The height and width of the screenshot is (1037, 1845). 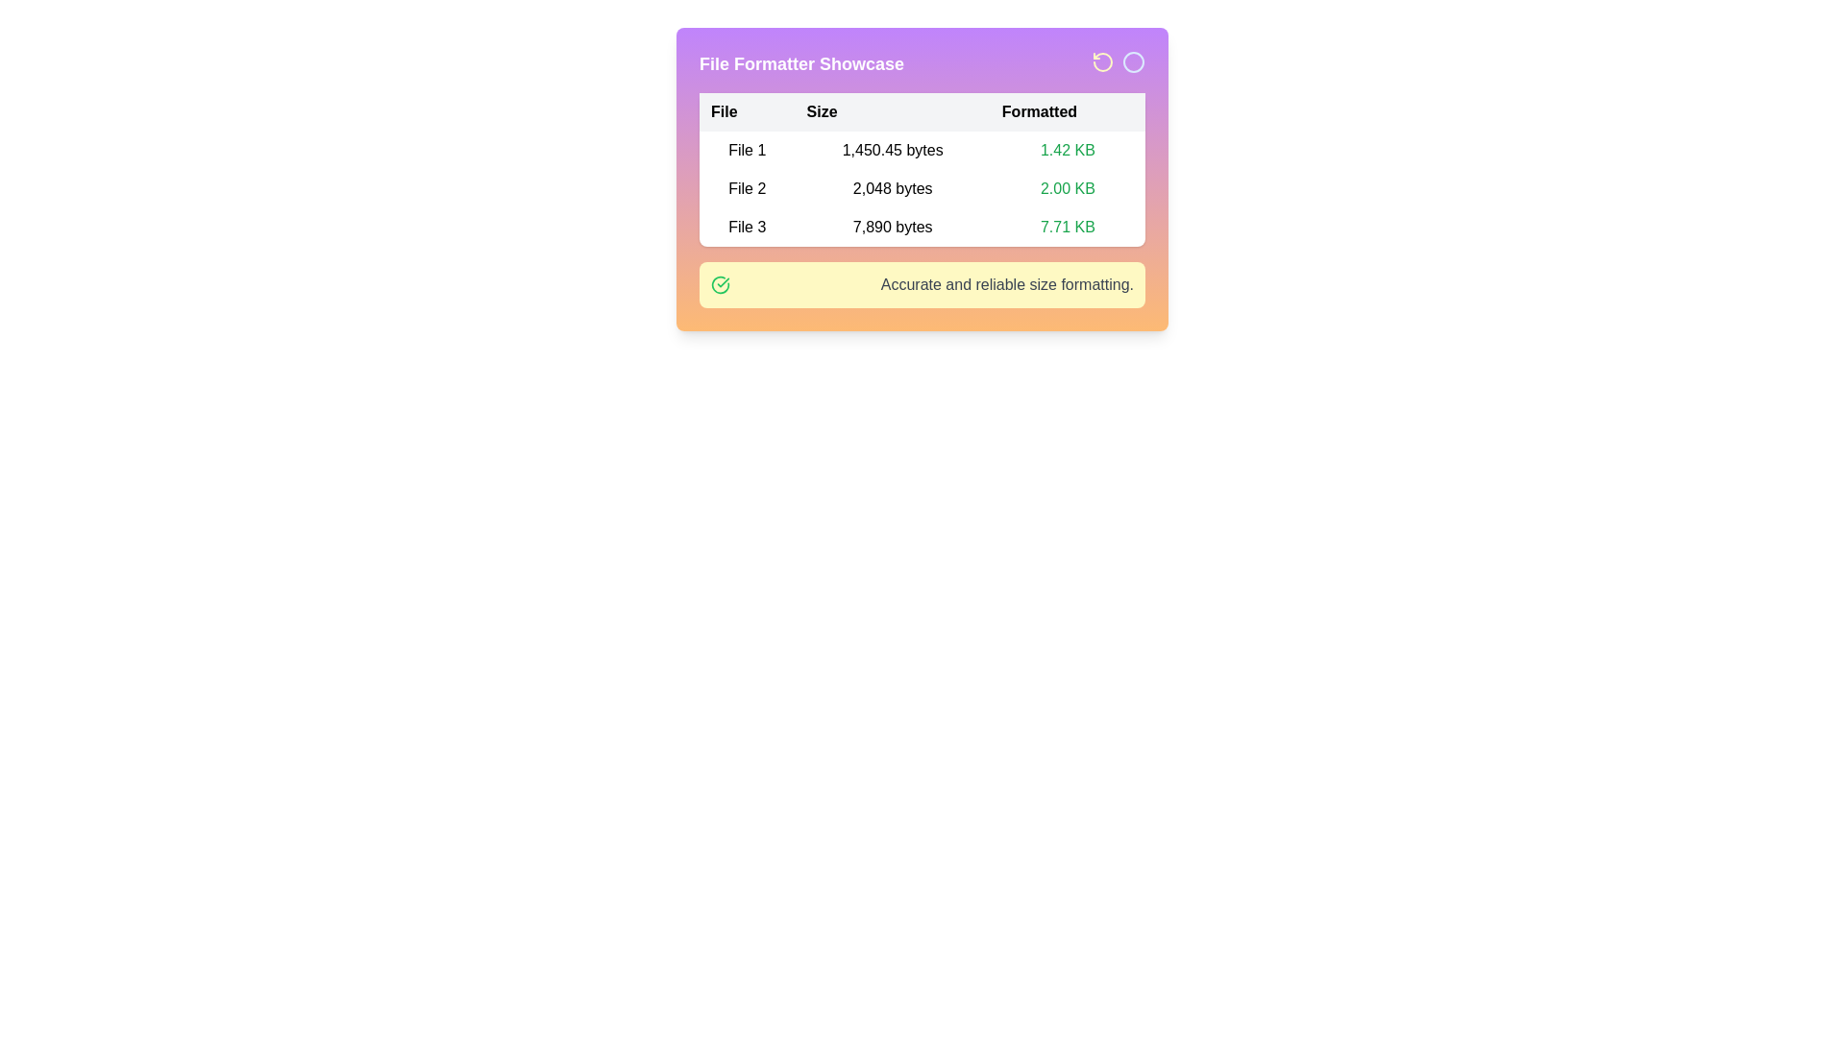 I want to click on the reset icon located in the top-right corner of the interface, which is the first icon in a group of icons adjacent to a circular icon, so click(x=1102, y=61).